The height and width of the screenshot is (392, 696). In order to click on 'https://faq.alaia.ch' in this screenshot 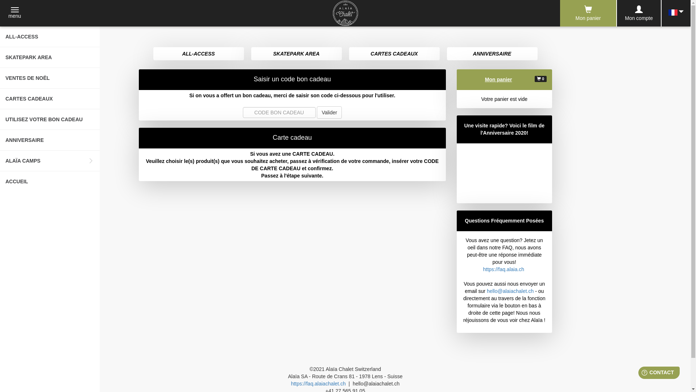, I will do `click(482, 269)`.